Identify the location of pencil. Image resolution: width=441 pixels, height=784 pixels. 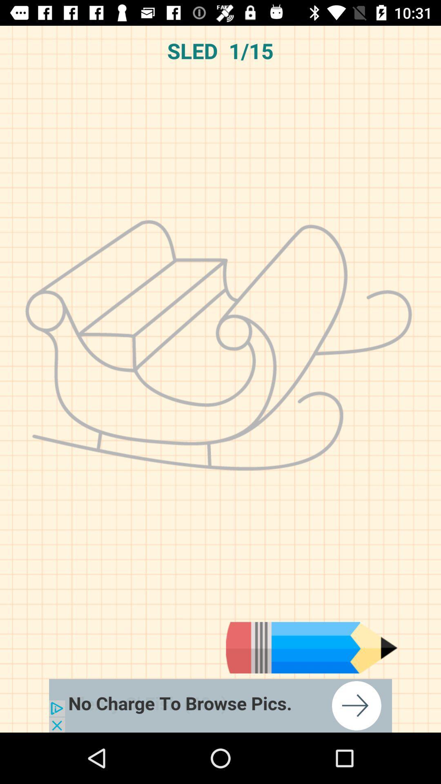
(312, 647).